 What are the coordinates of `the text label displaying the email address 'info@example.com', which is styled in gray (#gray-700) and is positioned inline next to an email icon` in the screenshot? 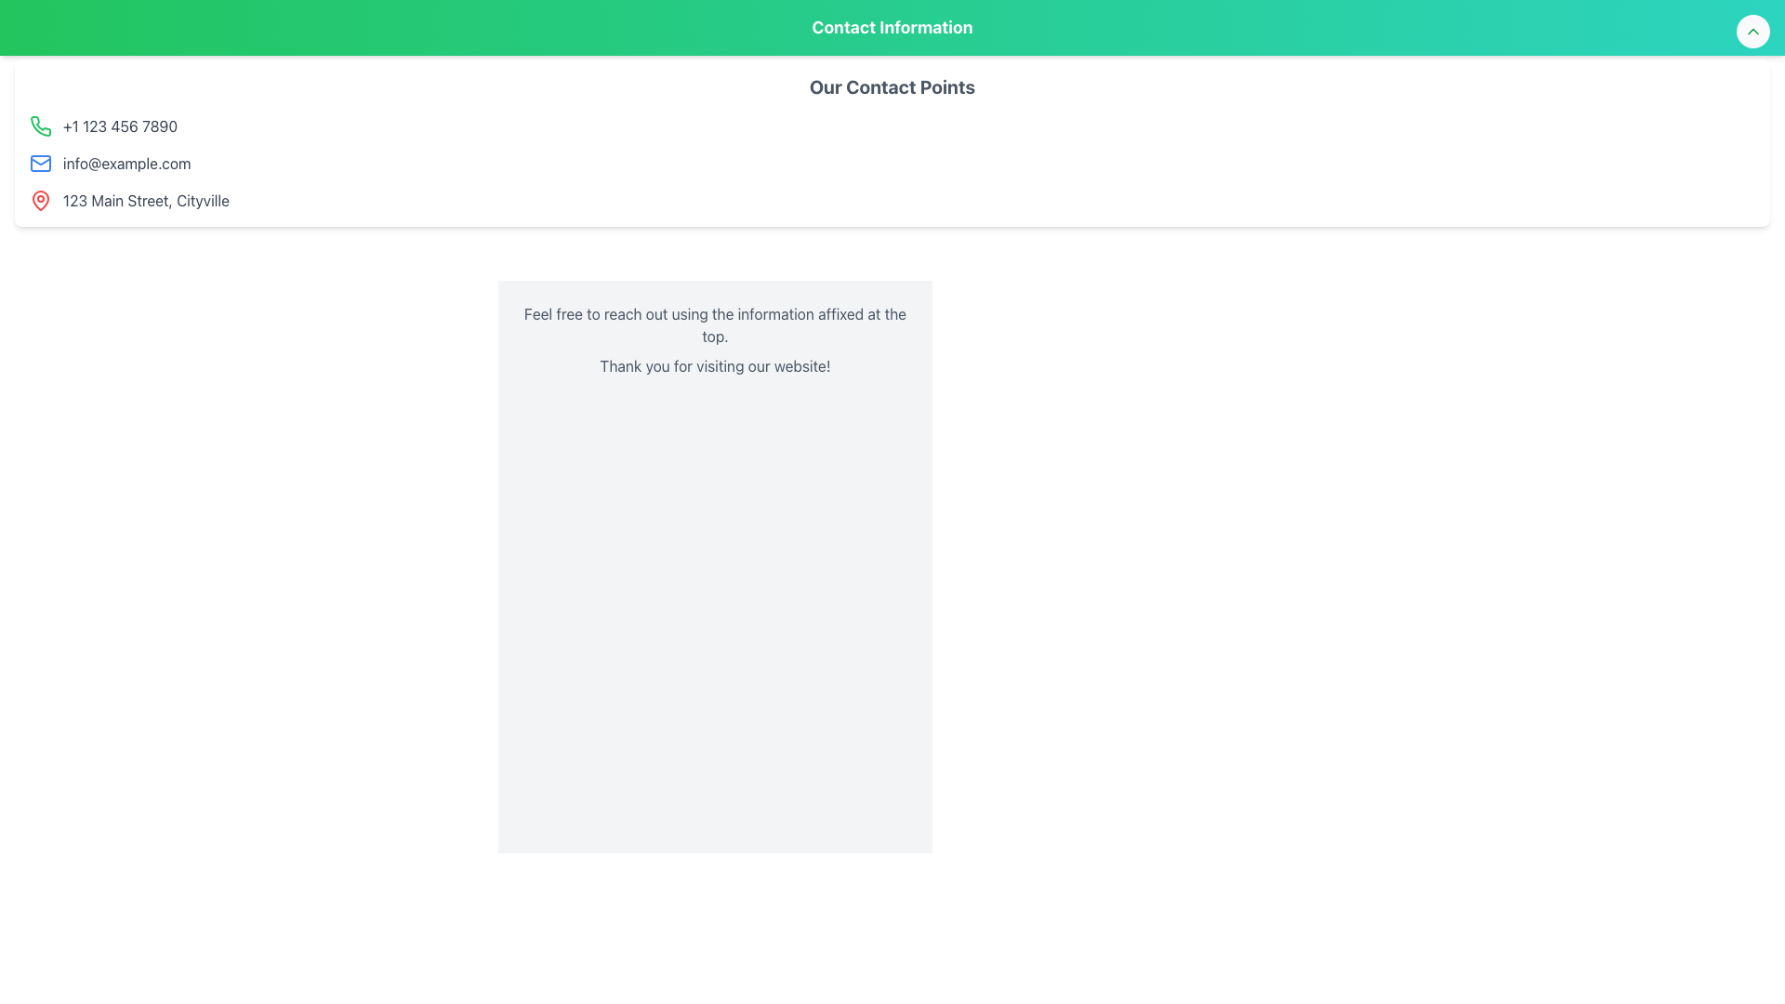 It's located at (126, 163).